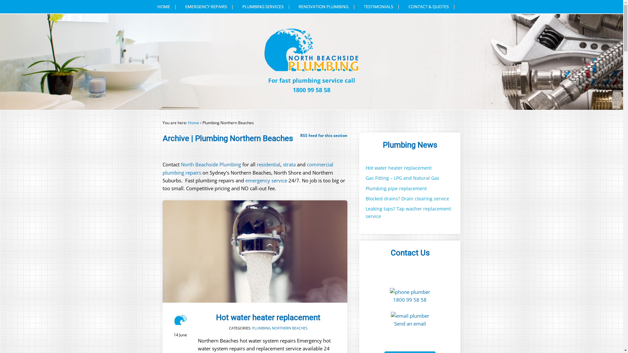  Describe the element at coordinates (265, 180) in the screenshot. I see `'emergency service'` at that location.